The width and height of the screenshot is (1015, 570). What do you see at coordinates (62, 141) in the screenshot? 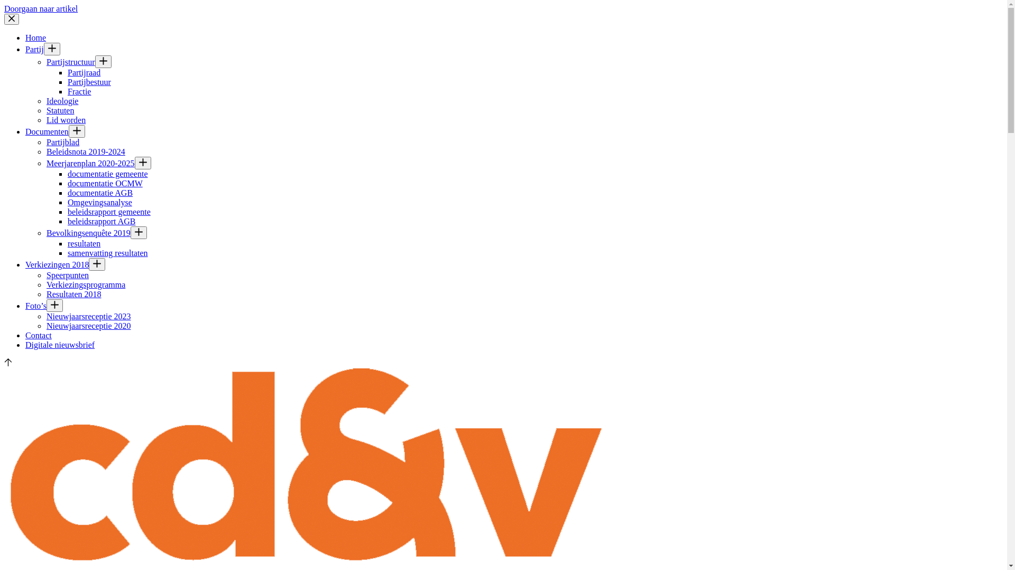
I see `'Partijblad'` at bounding box center [62, 141].